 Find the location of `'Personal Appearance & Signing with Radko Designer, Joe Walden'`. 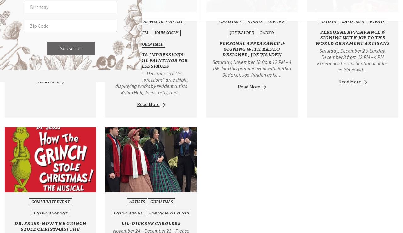

'Personal Appearance & Signing with Radko Designer, Joe Walden' is located at coordinates (251, 49).